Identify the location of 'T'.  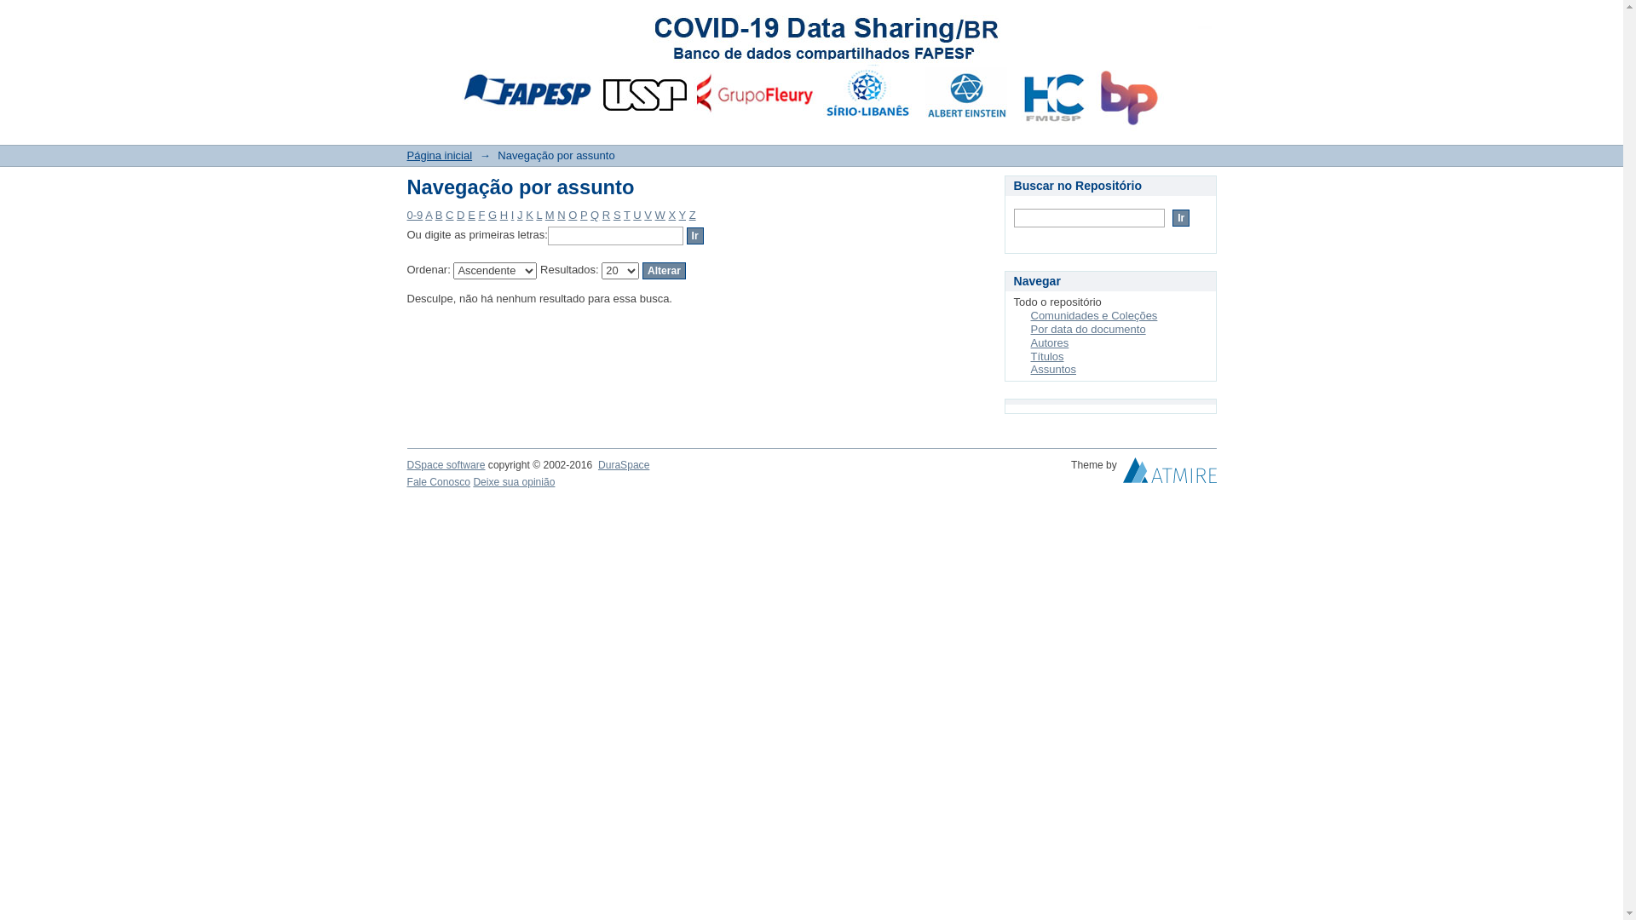
(625, 214).